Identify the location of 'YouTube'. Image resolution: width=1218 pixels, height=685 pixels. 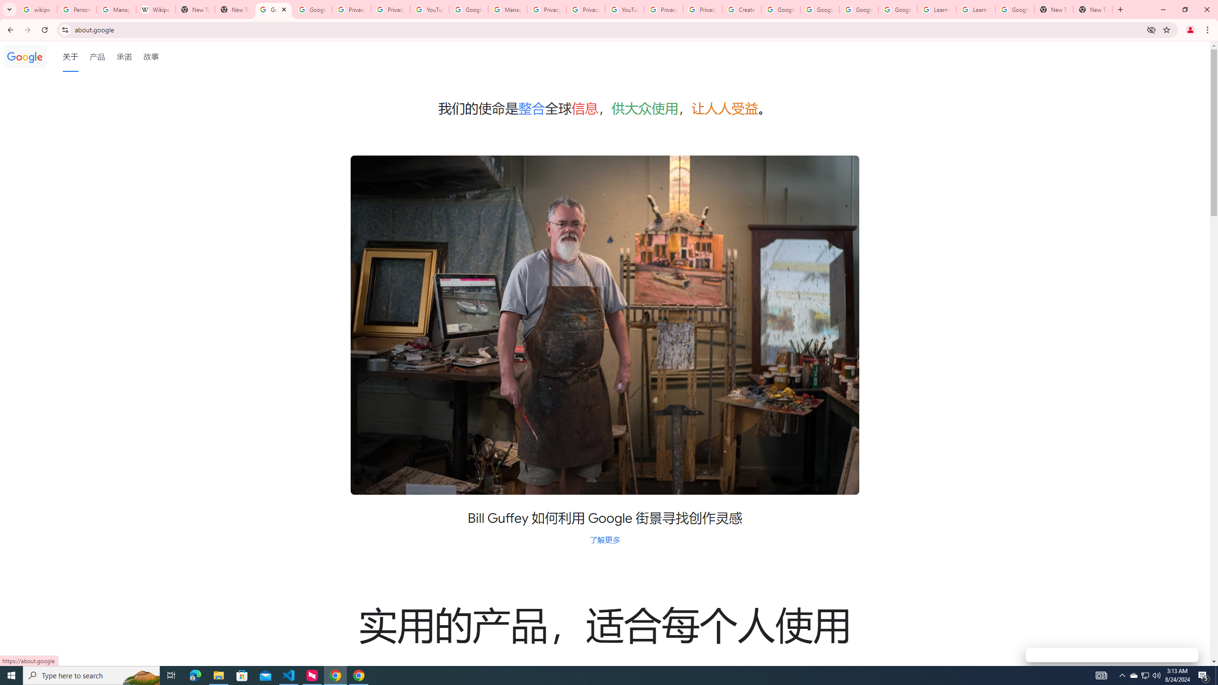
(624, 9).